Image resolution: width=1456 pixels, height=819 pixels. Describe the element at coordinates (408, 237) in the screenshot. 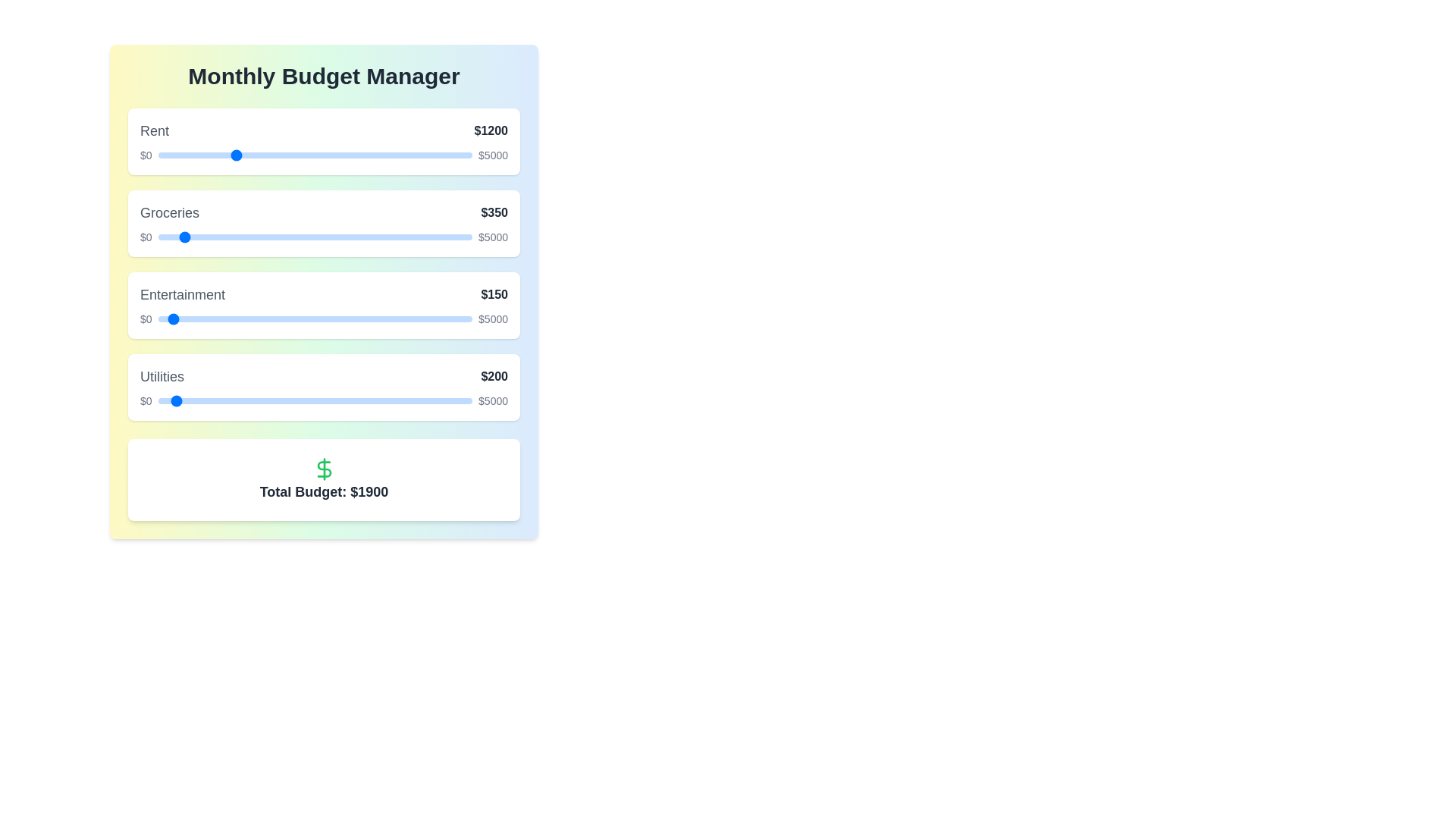

I see `groceries budget slider` at that location.